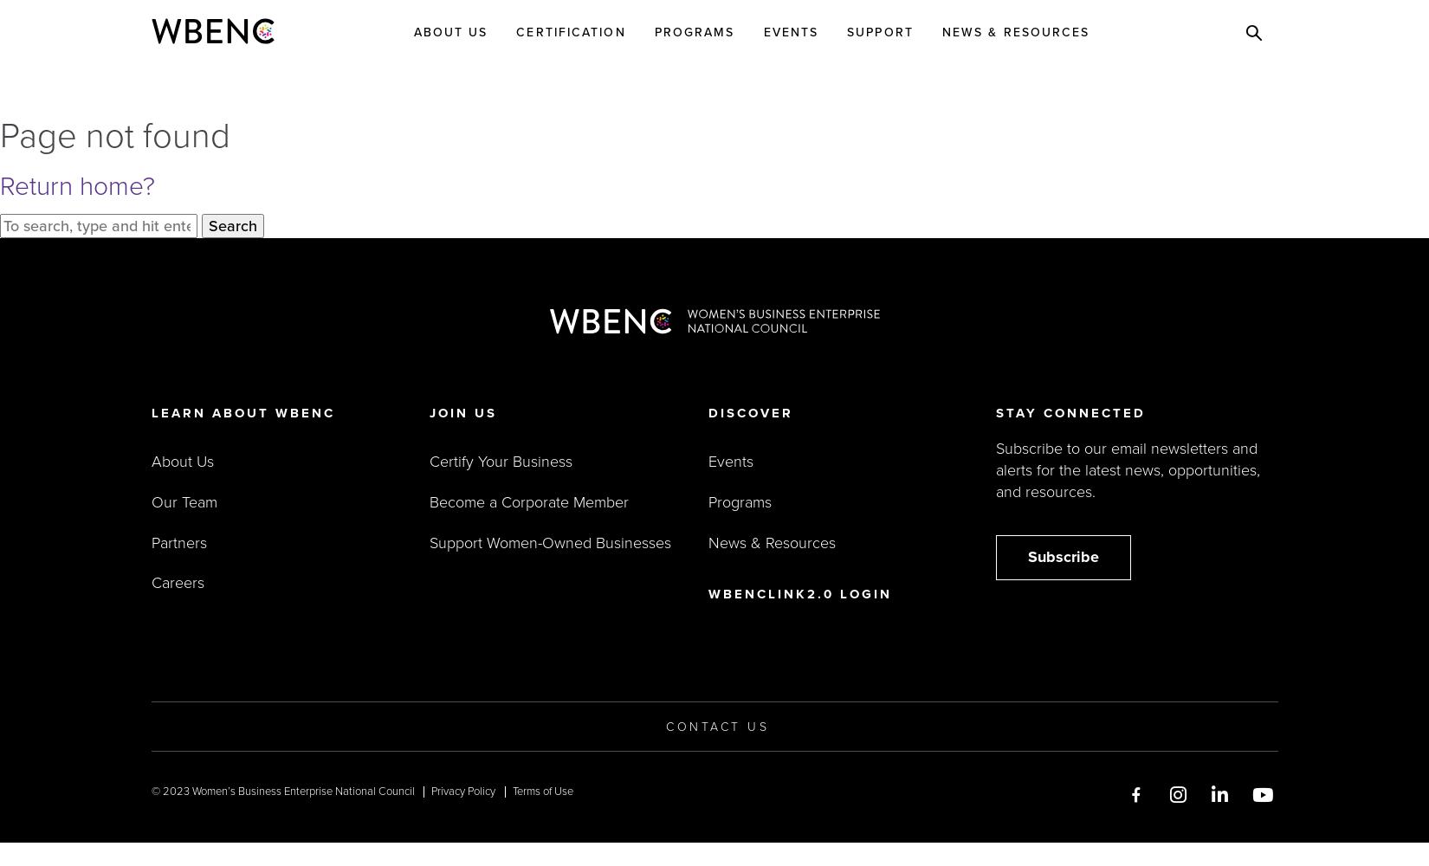 This screenshot has width=1429, height=866. What do you see at coordinates (178, 542) in the screenshot?
I see `'Partners'` at bounding box center [178, 542].